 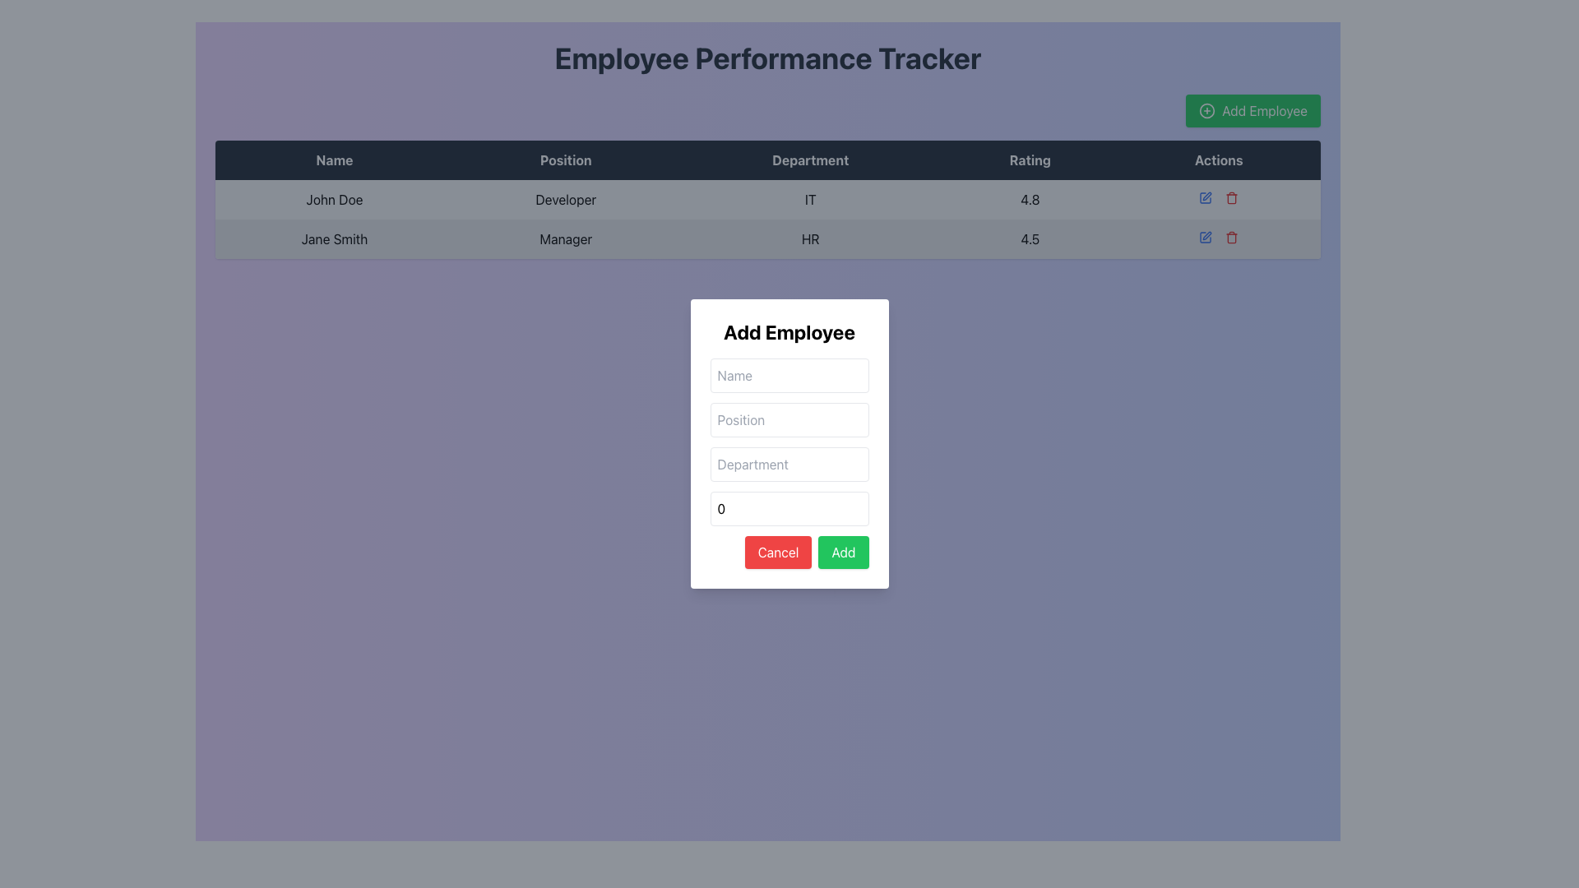 I want to click on the 'Manager' text label in the 'Position' column of the Employee Performance Tracker table, which is minimalist and black in color, so click(x=566, y=238).